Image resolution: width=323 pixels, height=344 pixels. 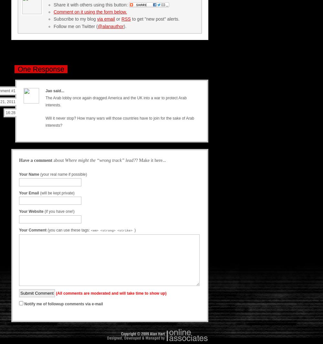 What do you see at coordinates (118, 19) in the screenshot?
I see `'or'` at bounding box center [118, 19].